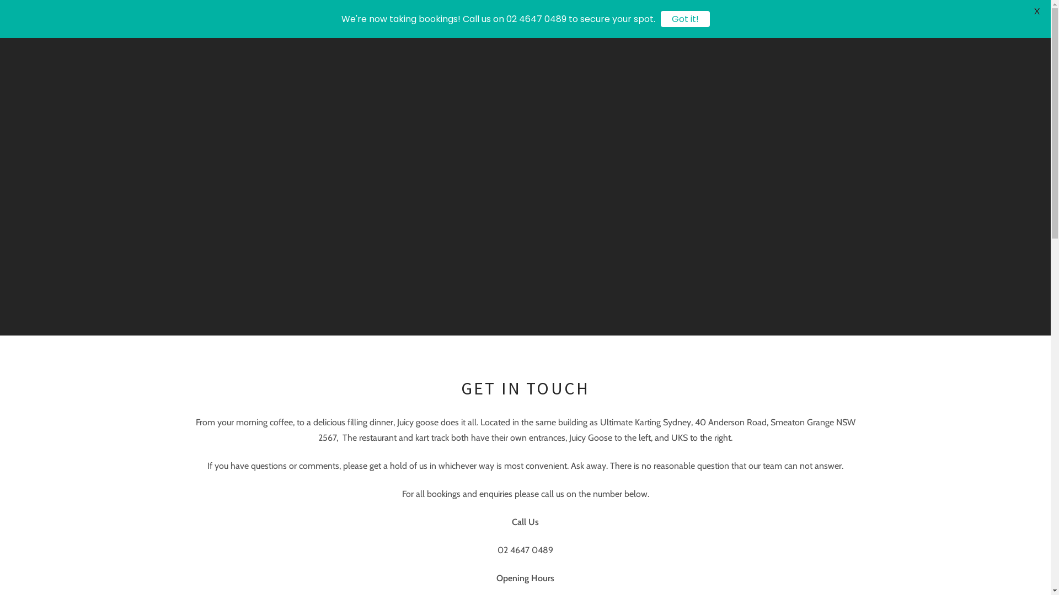 The width and height of the screenshot is (1059, 595). Describe the element at coordinates (684, 19) in the screenshot. I see `'Got it!'` at that location.